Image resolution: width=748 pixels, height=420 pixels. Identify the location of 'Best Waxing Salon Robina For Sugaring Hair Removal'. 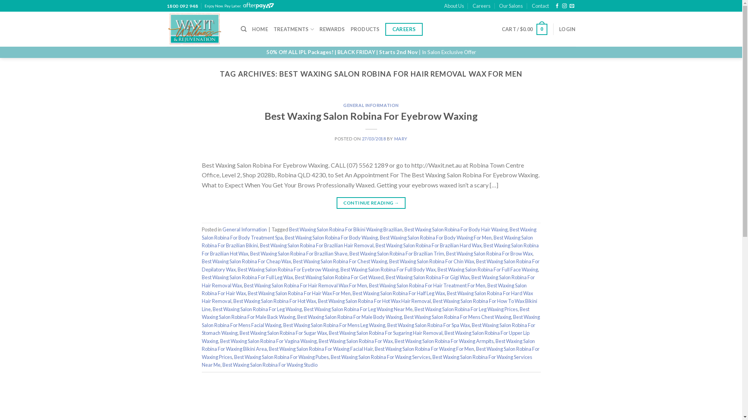
(385, 332).